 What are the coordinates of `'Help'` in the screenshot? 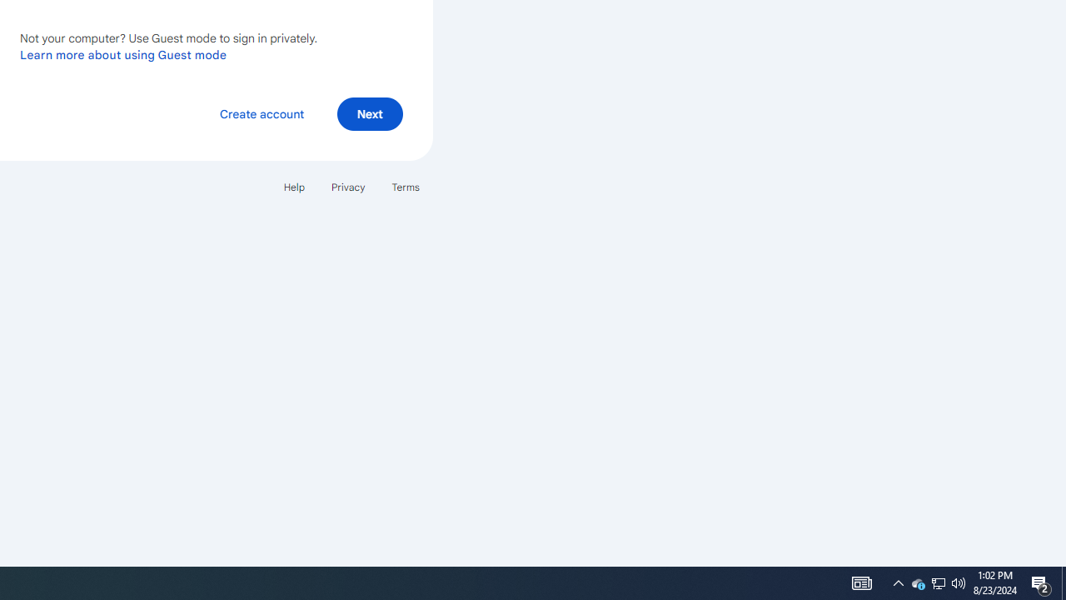 It's located at (293, 187).